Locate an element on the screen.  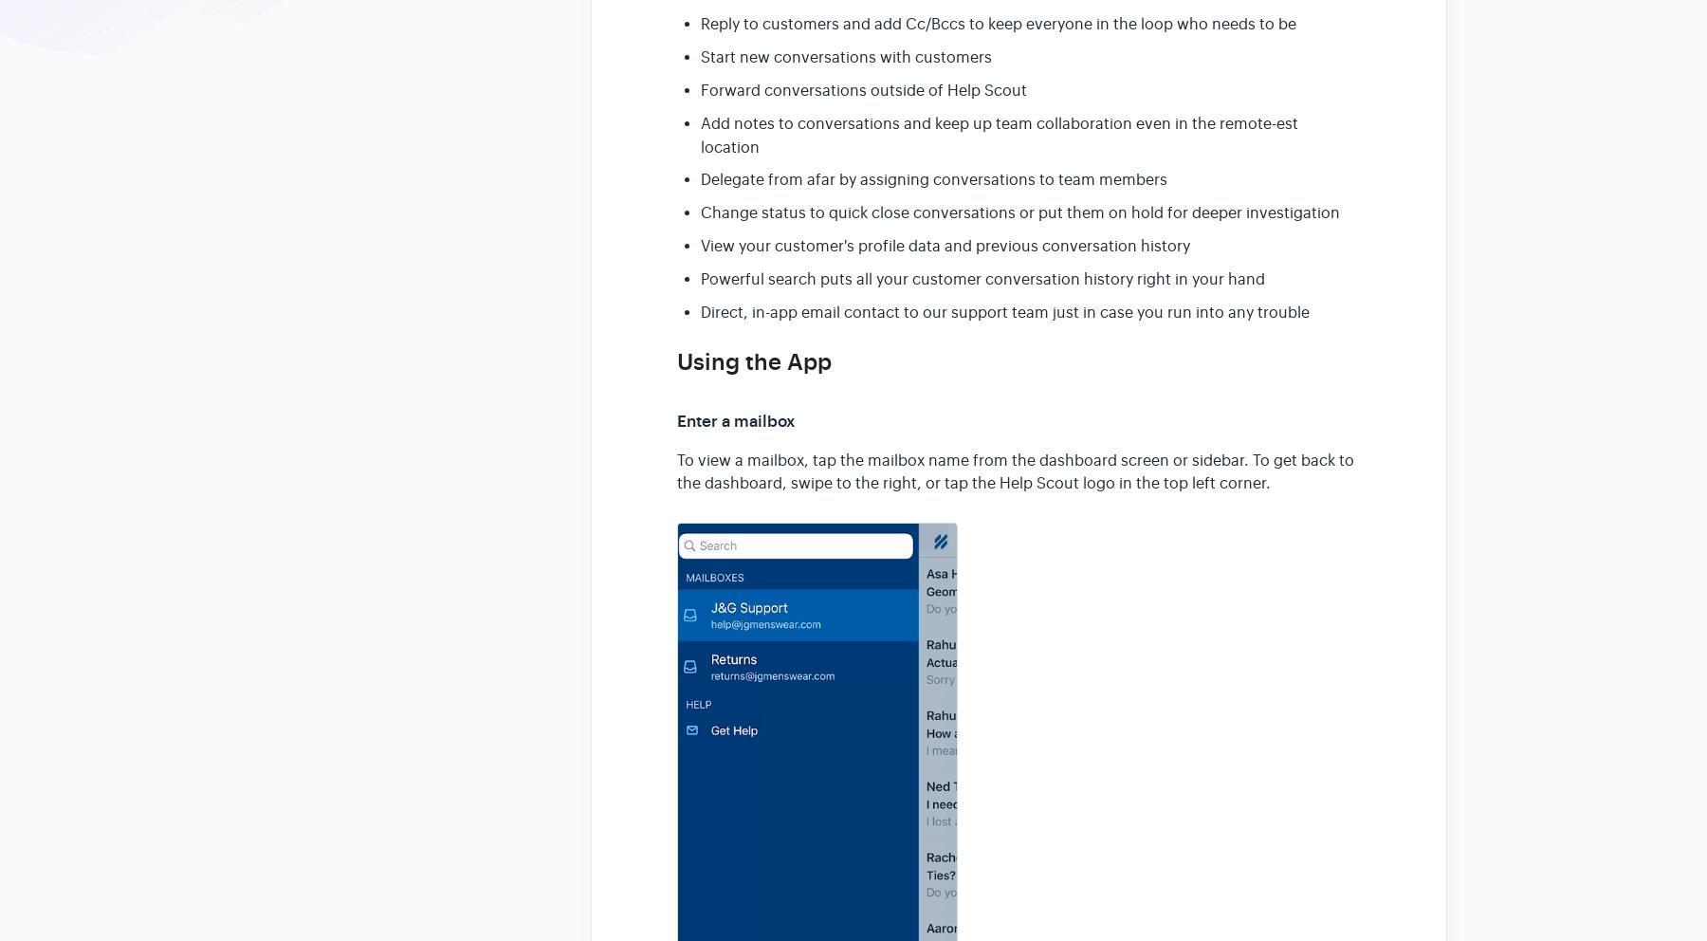
'Powerful search puts all your customer conversation history right in your hand' is located at coordinates (700, 279).